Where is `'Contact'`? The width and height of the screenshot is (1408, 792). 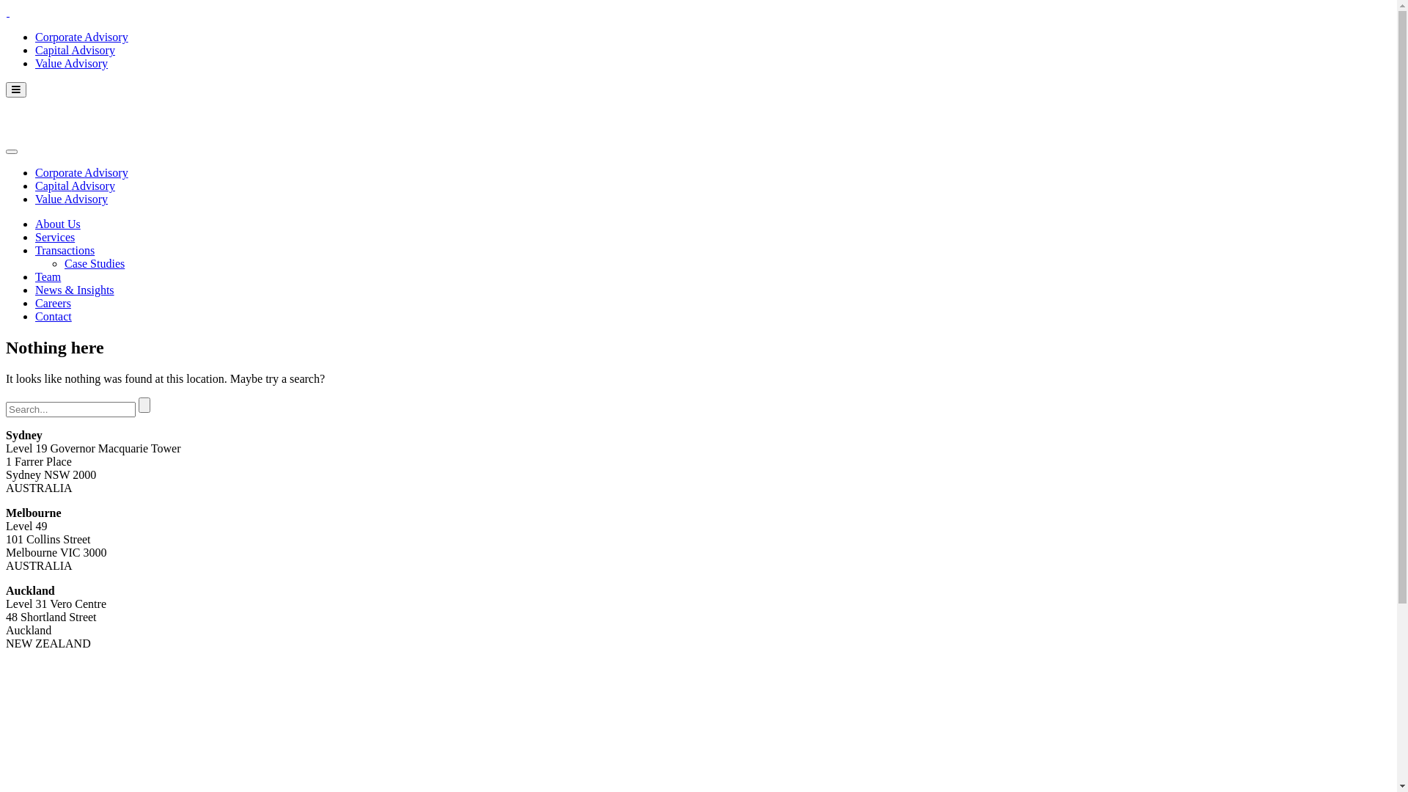
'Contact' is located at coordinates (53, 315).